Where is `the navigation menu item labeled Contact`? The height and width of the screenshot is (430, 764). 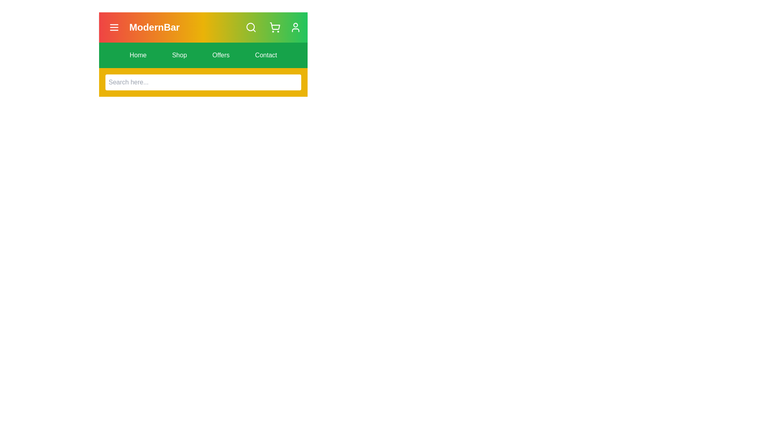
the navigation menu item labeled Contact is located at coordinates (266, 55).